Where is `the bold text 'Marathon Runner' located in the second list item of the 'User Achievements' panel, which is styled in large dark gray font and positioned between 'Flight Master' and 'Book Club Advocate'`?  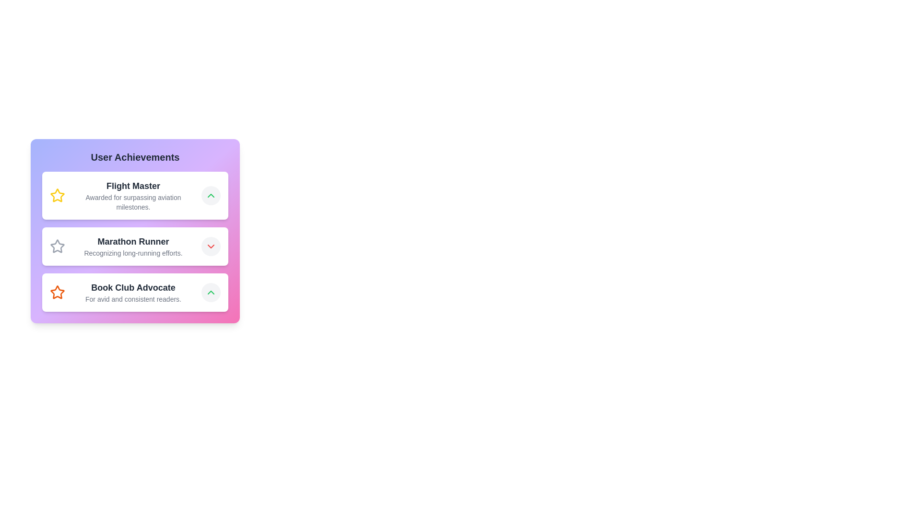
the bold text 'Marathon Runner' located in the second list item of the 'User Achievements' panel, which is styled in large dark gray font and positioned between 'Flight Master' and 'Book Club Advocate' is located at coordinates (133, 241).